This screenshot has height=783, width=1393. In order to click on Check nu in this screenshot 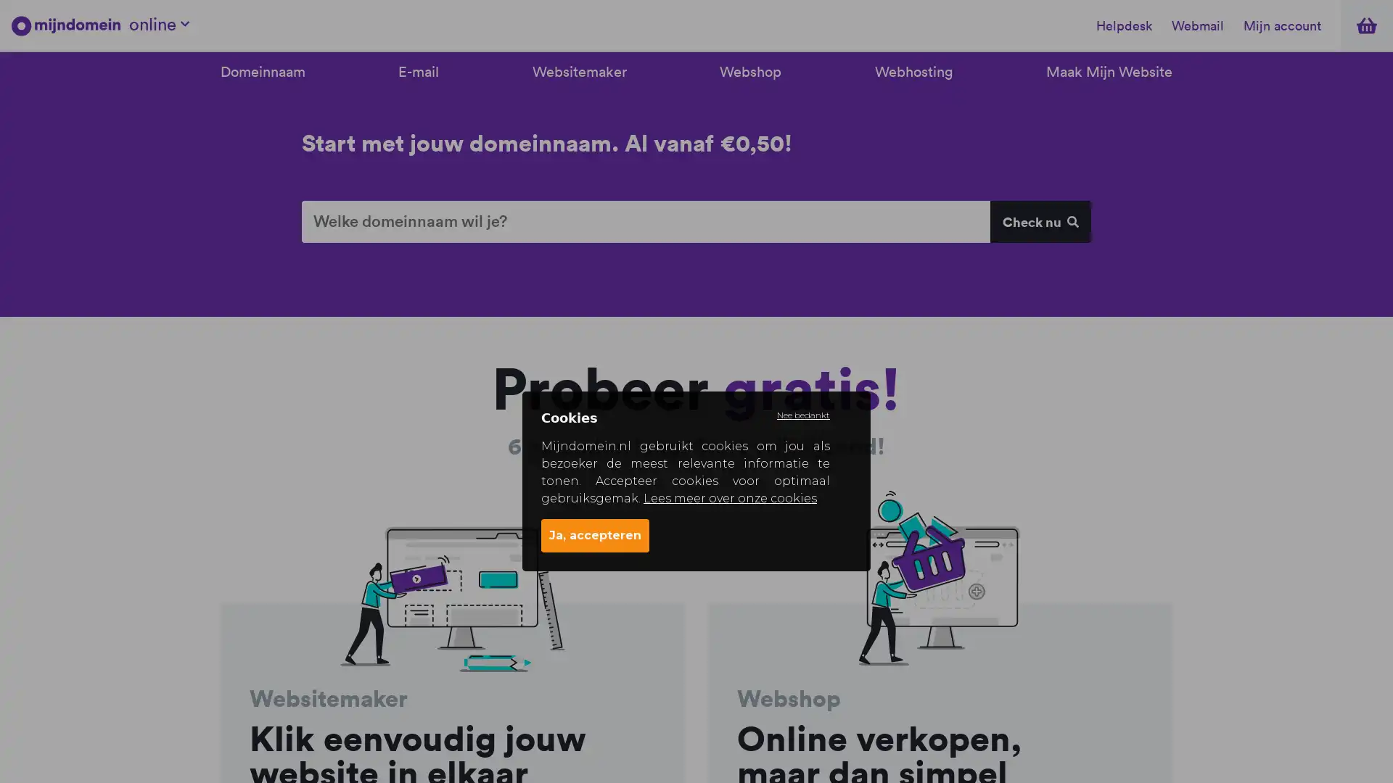, I will do `click(1039, 221)`.